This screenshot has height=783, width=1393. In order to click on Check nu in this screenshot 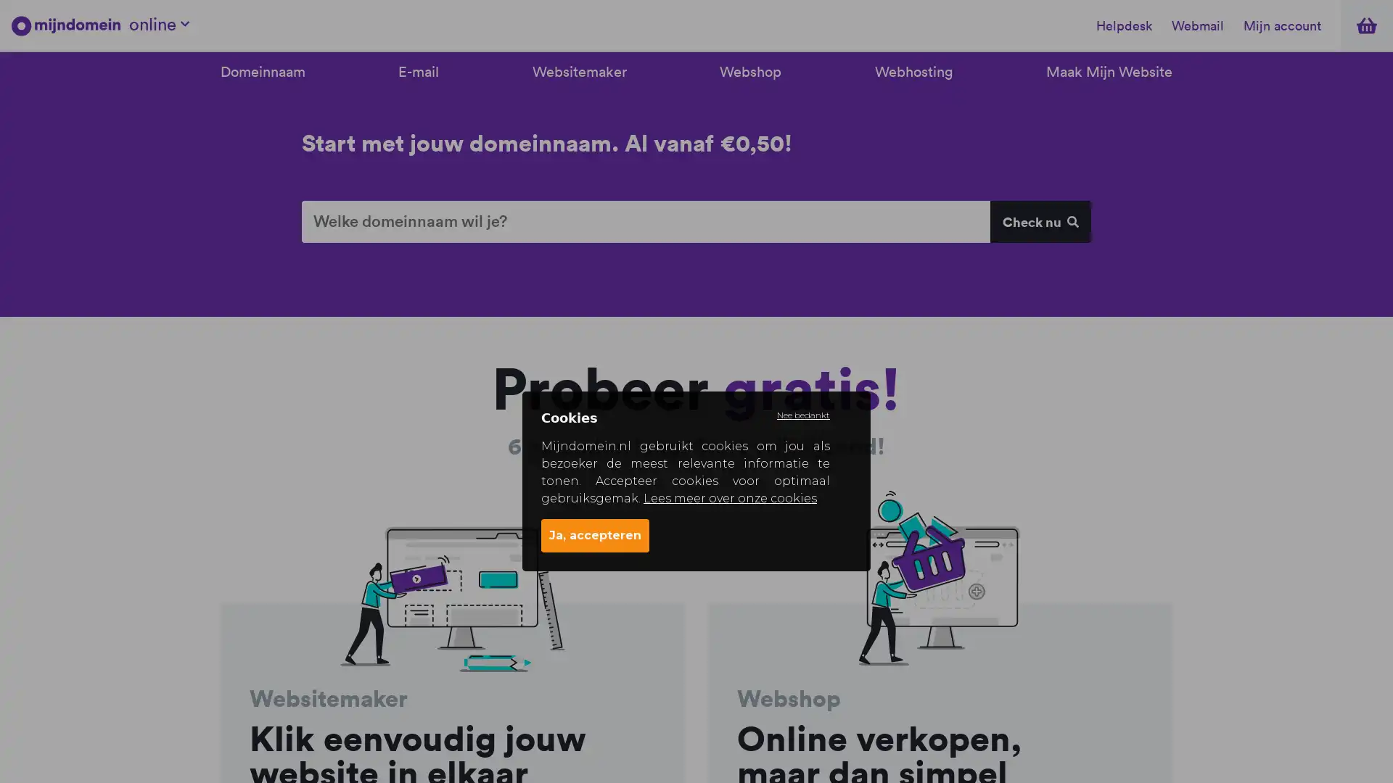, I will do `click(1039, 221)`.